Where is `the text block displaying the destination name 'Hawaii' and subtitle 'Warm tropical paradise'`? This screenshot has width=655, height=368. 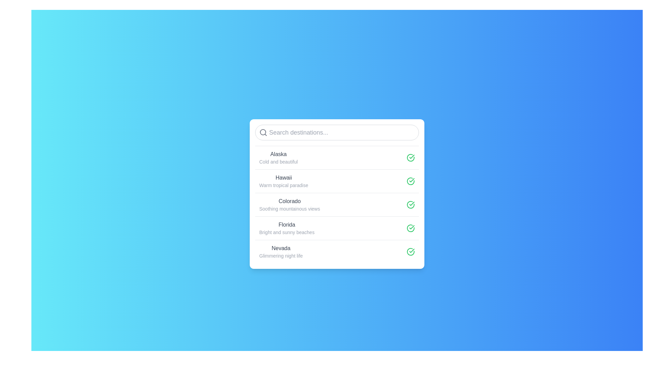
the text block displaying the destination name 'Hawaii' and subtitle 'Warm tropical paradise' is located at coordinates (283, 181).